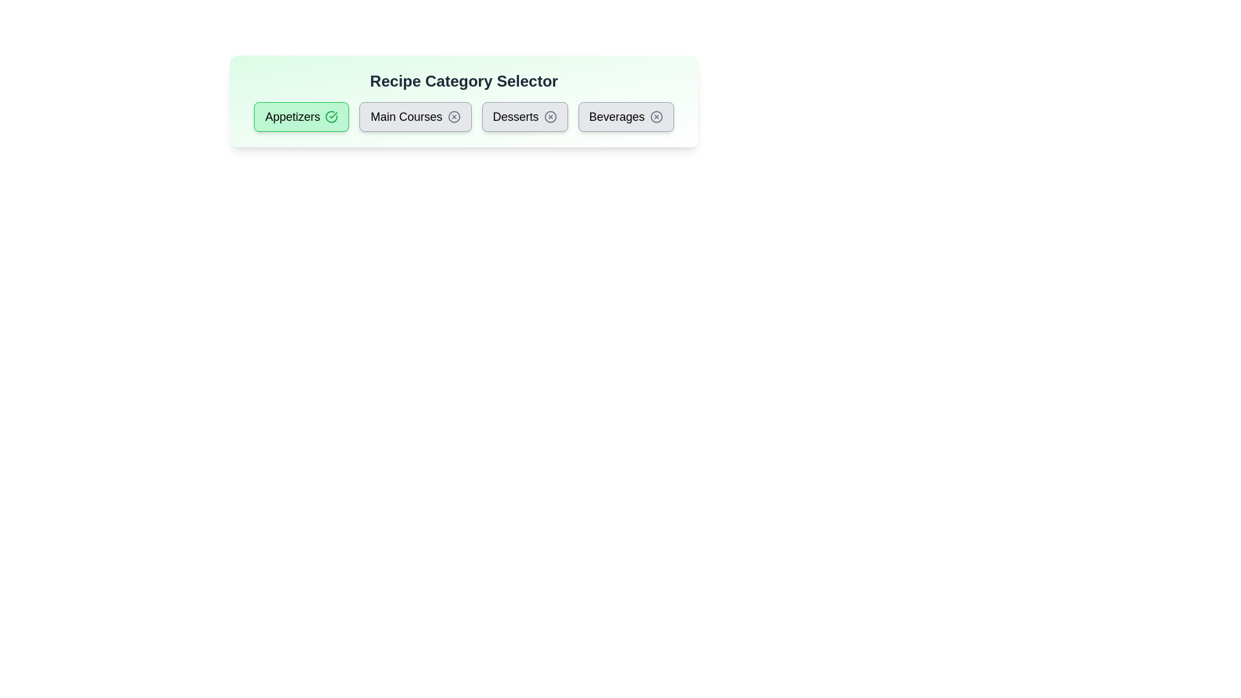  I want to click on the category button labeled Appetizers, so click(301, 117).